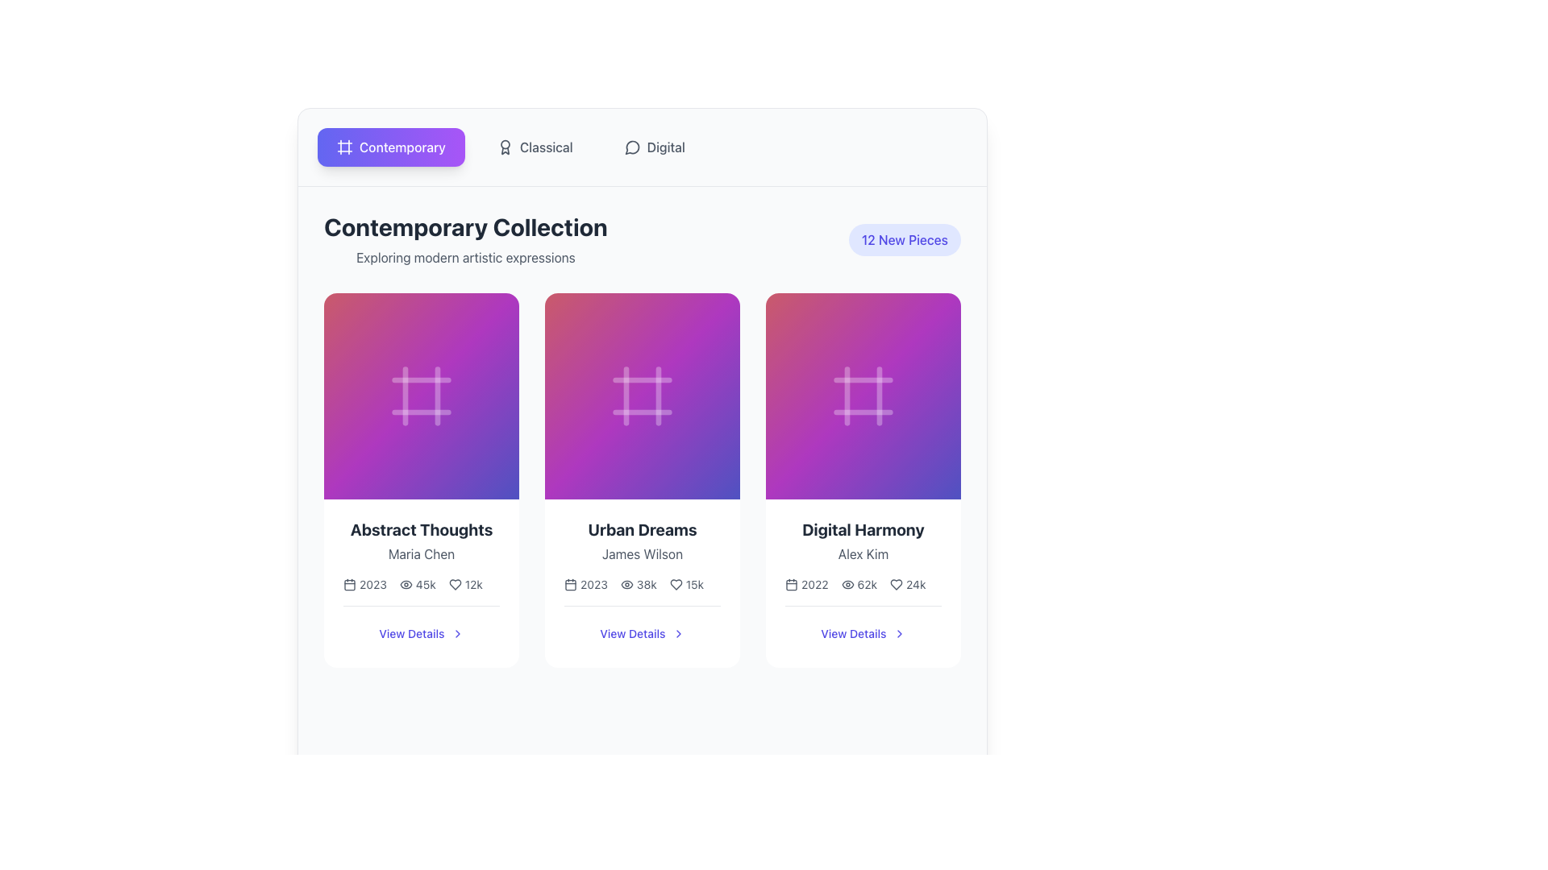 This screenshot has height=870, width=1548. I want to click on the interactive button located at the bottom of the 'Urban Dreams' card to change its visual style, so click(641, 626).